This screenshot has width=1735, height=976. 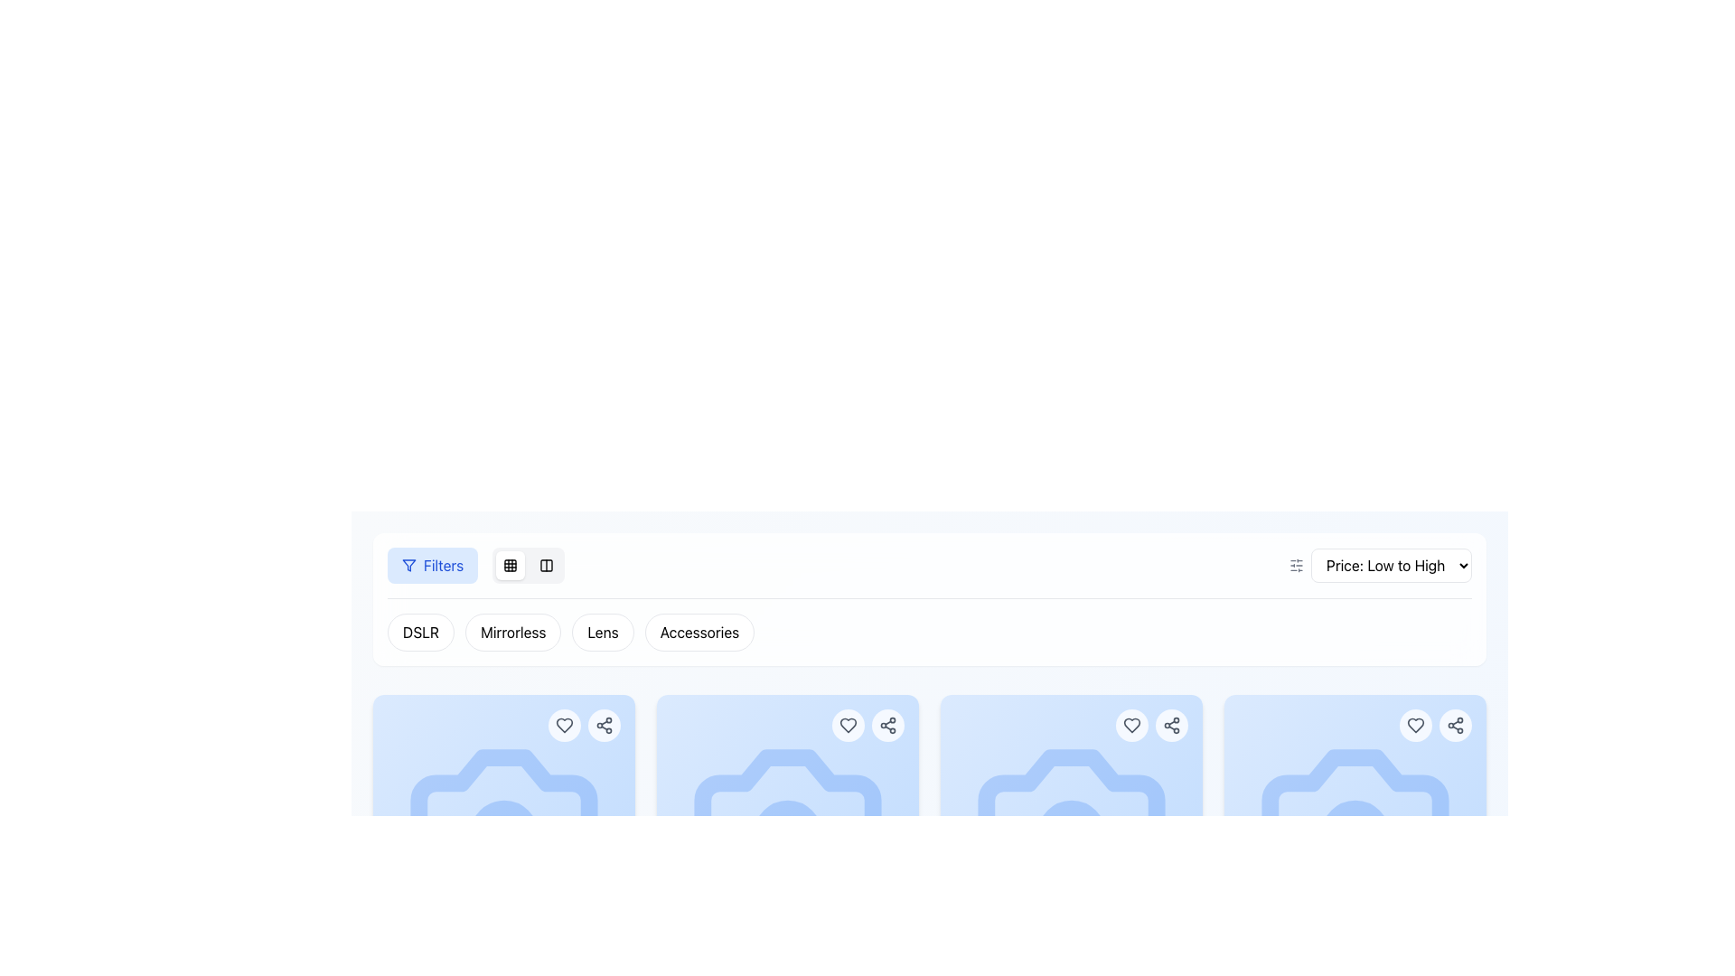 What do you see at coordinates (563, 724) in the screenshot?
I see `the heart icon` at bounding box center [563, 724].